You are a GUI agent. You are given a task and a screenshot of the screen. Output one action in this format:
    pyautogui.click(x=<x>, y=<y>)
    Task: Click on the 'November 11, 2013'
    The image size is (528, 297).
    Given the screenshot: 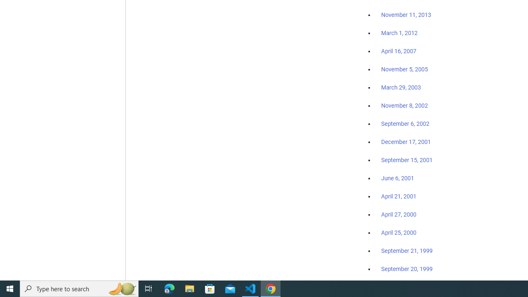 What is the action you would take?
    pyautogui.click(x=406, y=15)
    